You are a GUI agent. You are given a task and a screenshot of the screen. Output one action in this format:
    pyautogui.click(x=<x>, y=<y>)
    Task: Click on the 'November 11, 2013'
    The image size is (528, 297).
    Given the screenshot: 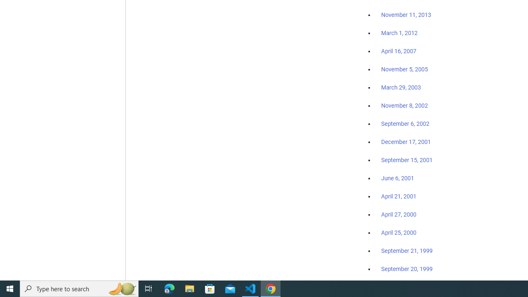 What is the action you would take?
    pyautogui.click(x=406, y=15)
    